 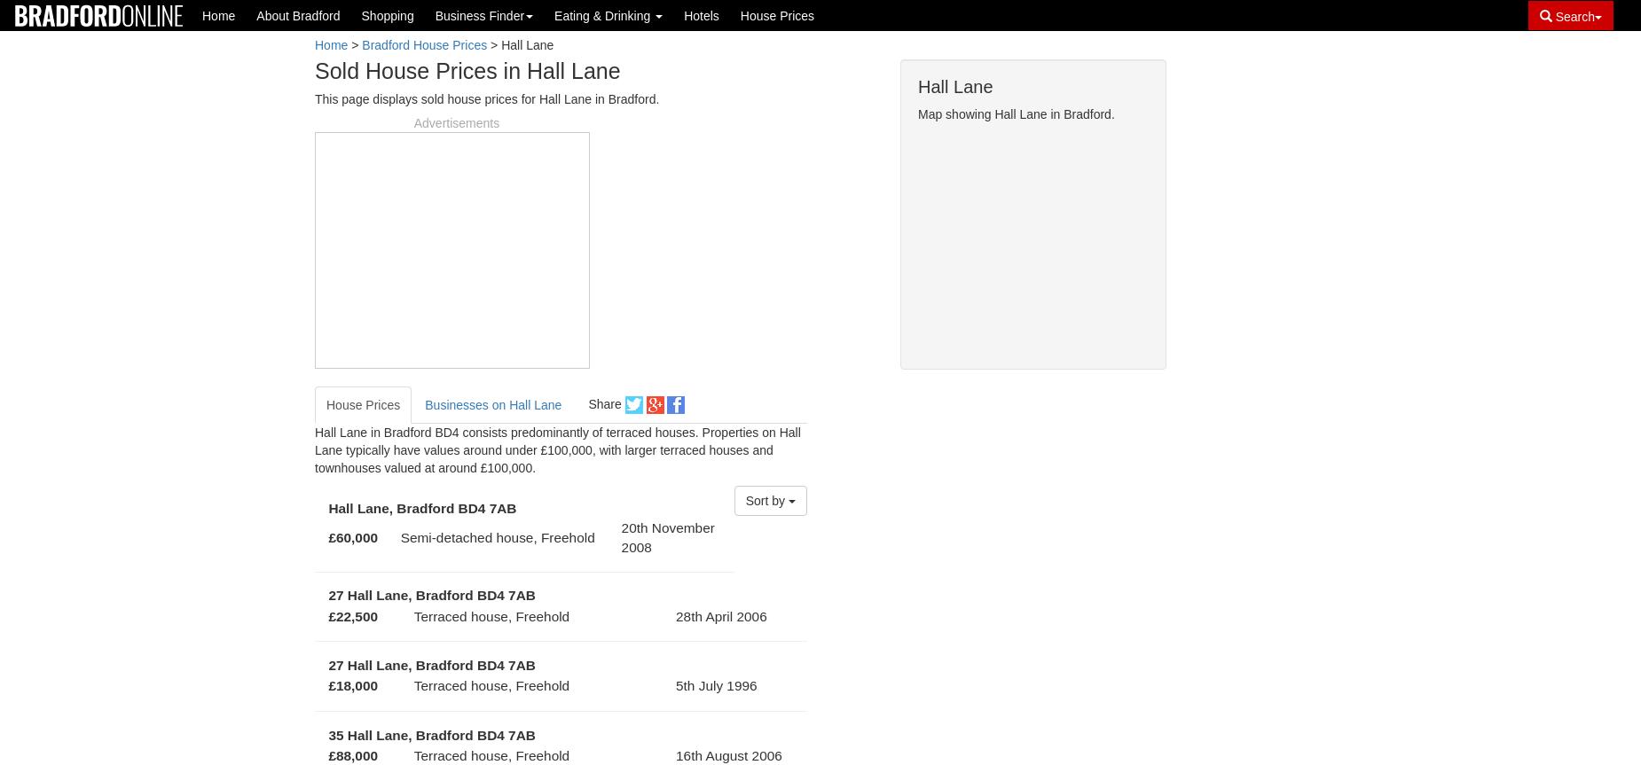 What do you see at coordinates (351, 536) in the screenshot?
I see `'£60,000'` at bounding box center [351, 536].